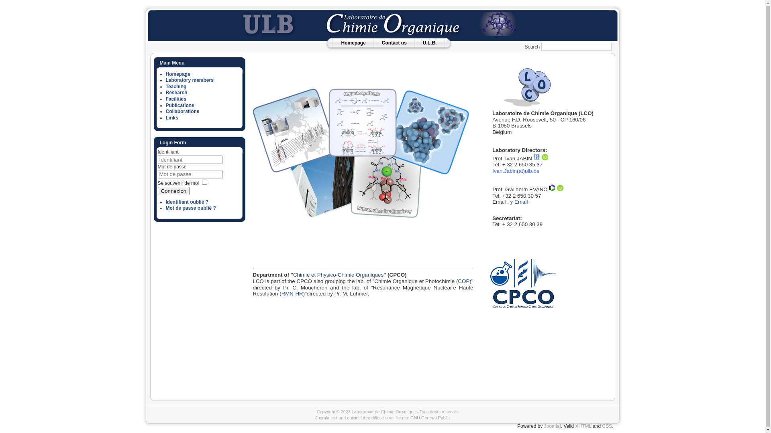 This screenshot has width=771, height=433. What do you see at coordinates (552, 426) in the screenshot?
I see `'Joomla!'` at bounding box center [552, 426].